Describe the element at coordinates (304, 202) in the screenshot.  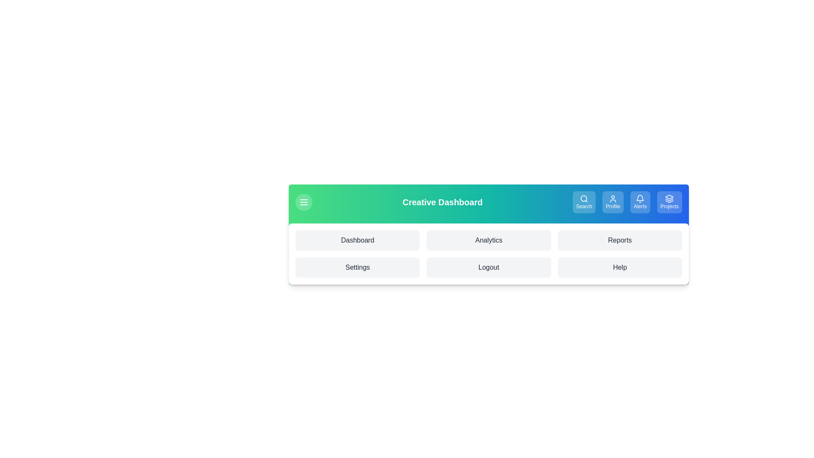
I see `the hamburger icon to toggle the menu visibility` at that location.